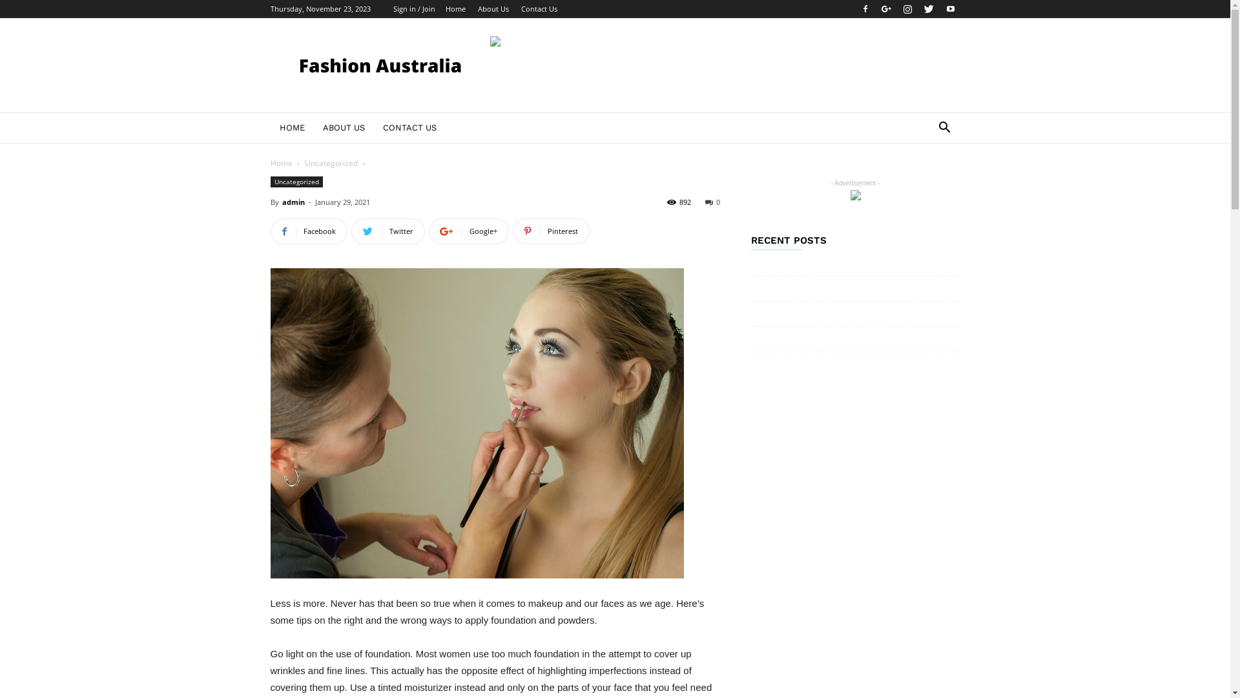 The image size is (1240, 698). What do you see at coordinates (919, 9) in the screenshot?
I see `'Twitter'` at bounding box center [919, 9].